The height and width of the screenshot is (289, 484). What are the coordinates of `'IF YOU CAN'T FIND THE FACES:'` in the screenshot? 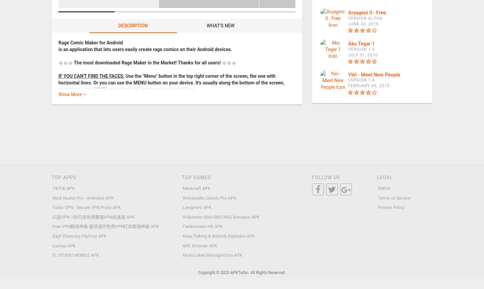 It's located at (91, 75).